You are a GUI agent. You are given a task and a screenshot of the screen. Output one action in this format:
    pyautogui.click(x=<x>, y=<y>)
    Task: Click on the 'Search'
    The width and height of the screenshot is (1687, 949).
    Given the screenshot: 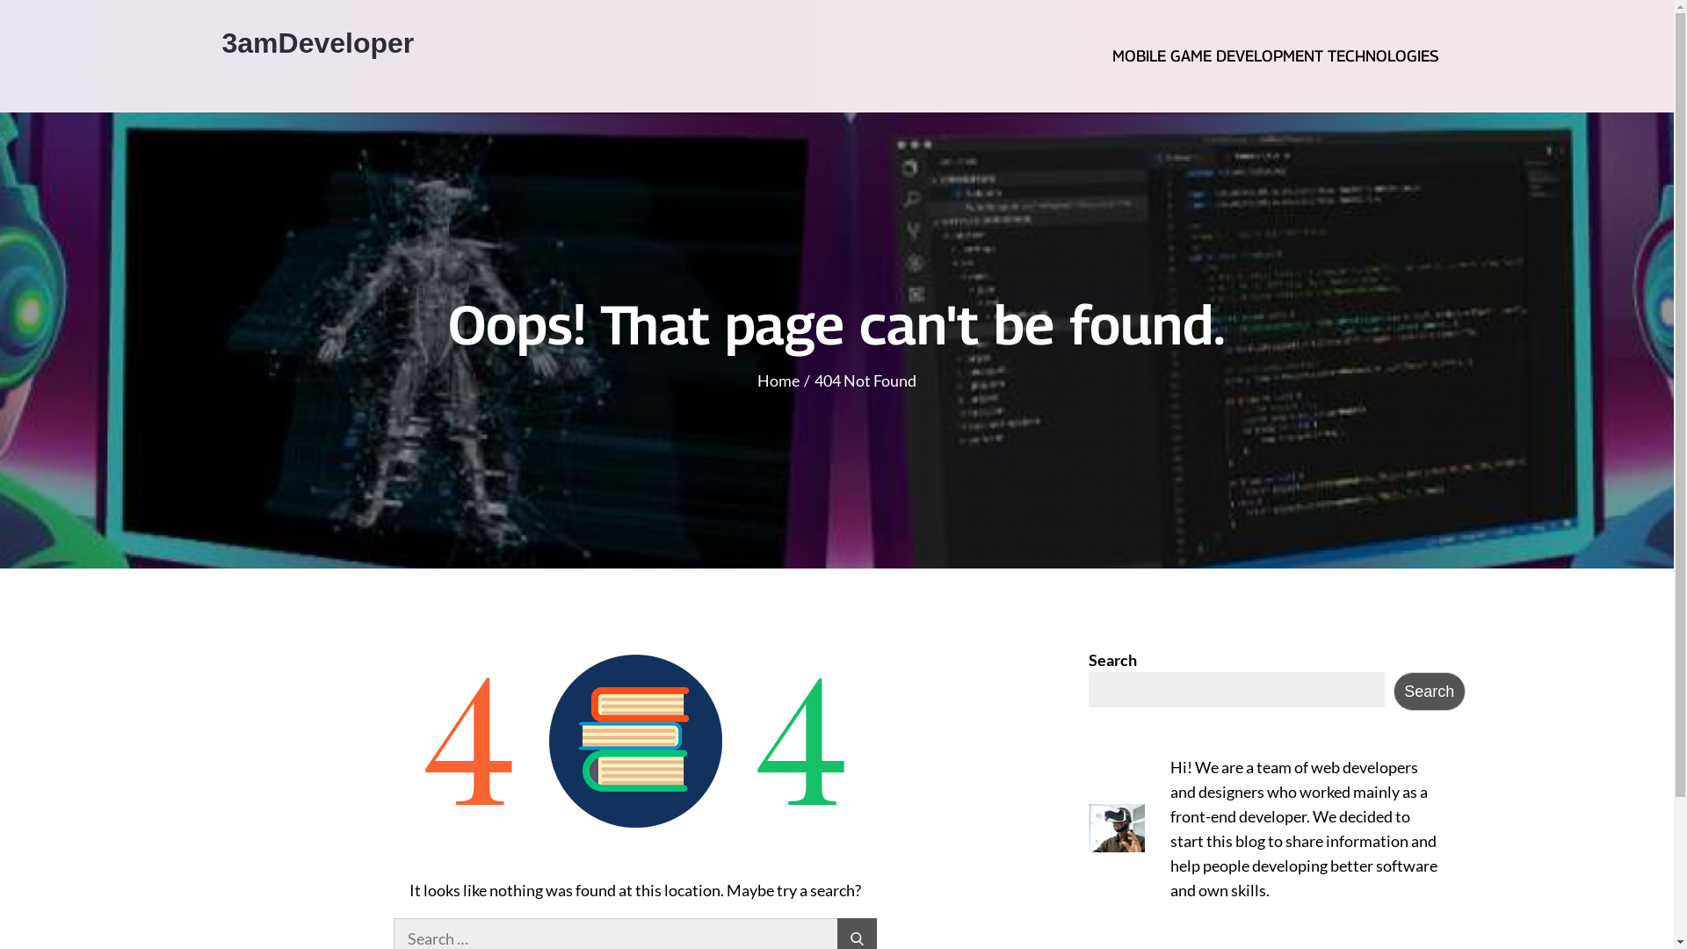 What is the action you would take?
    pyautogui.click(x=1430, y=690)
    